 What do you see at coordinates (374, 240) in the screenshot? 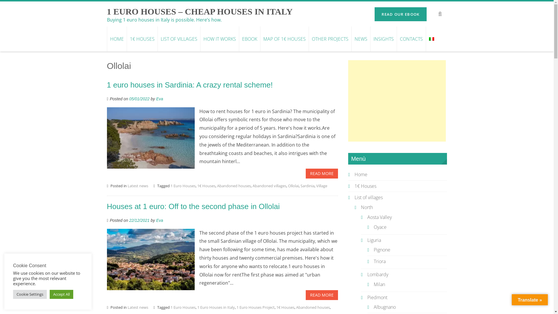
I see `'Liguria'` at bounding box center [374, 240].